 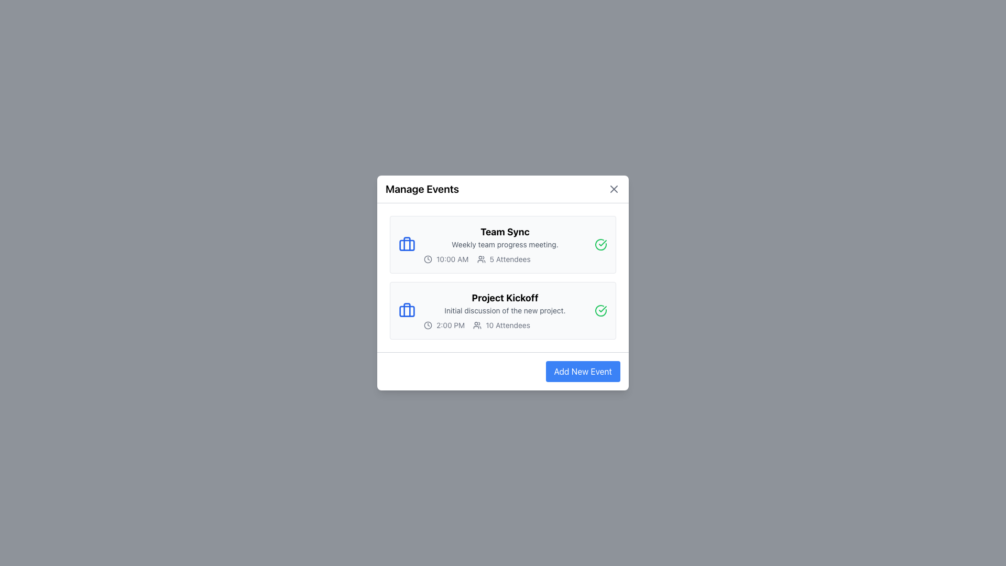 I want to click on the Vector Graphic Icon indicating the completion or approval status of the 'Team Sync' event, located at the top-right corner of the card layout, so click(x=603, y=309).